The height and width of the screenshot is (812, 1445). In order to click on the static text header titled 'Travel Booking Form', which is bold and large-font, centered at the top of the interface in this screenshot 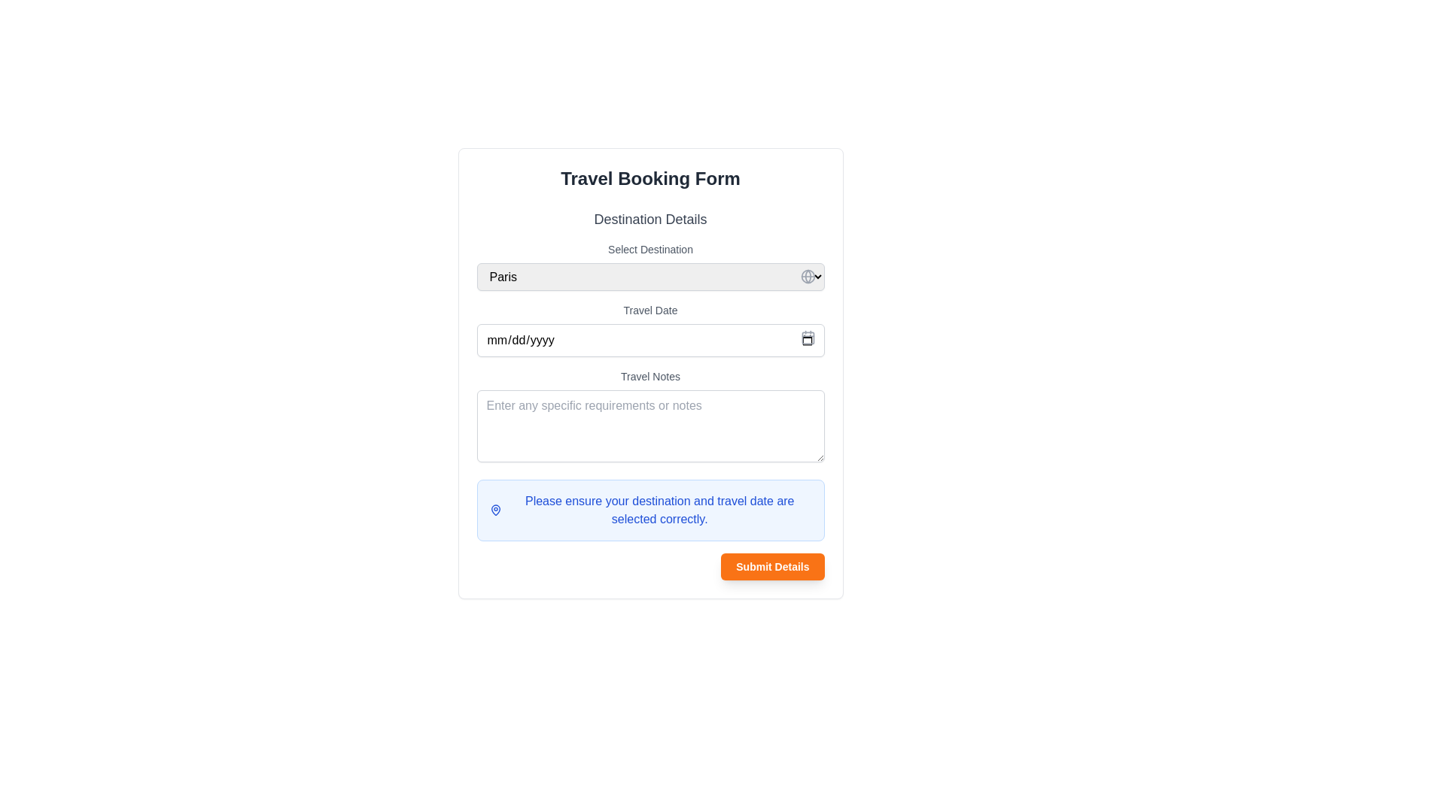, I will do `click(650, 178)`.